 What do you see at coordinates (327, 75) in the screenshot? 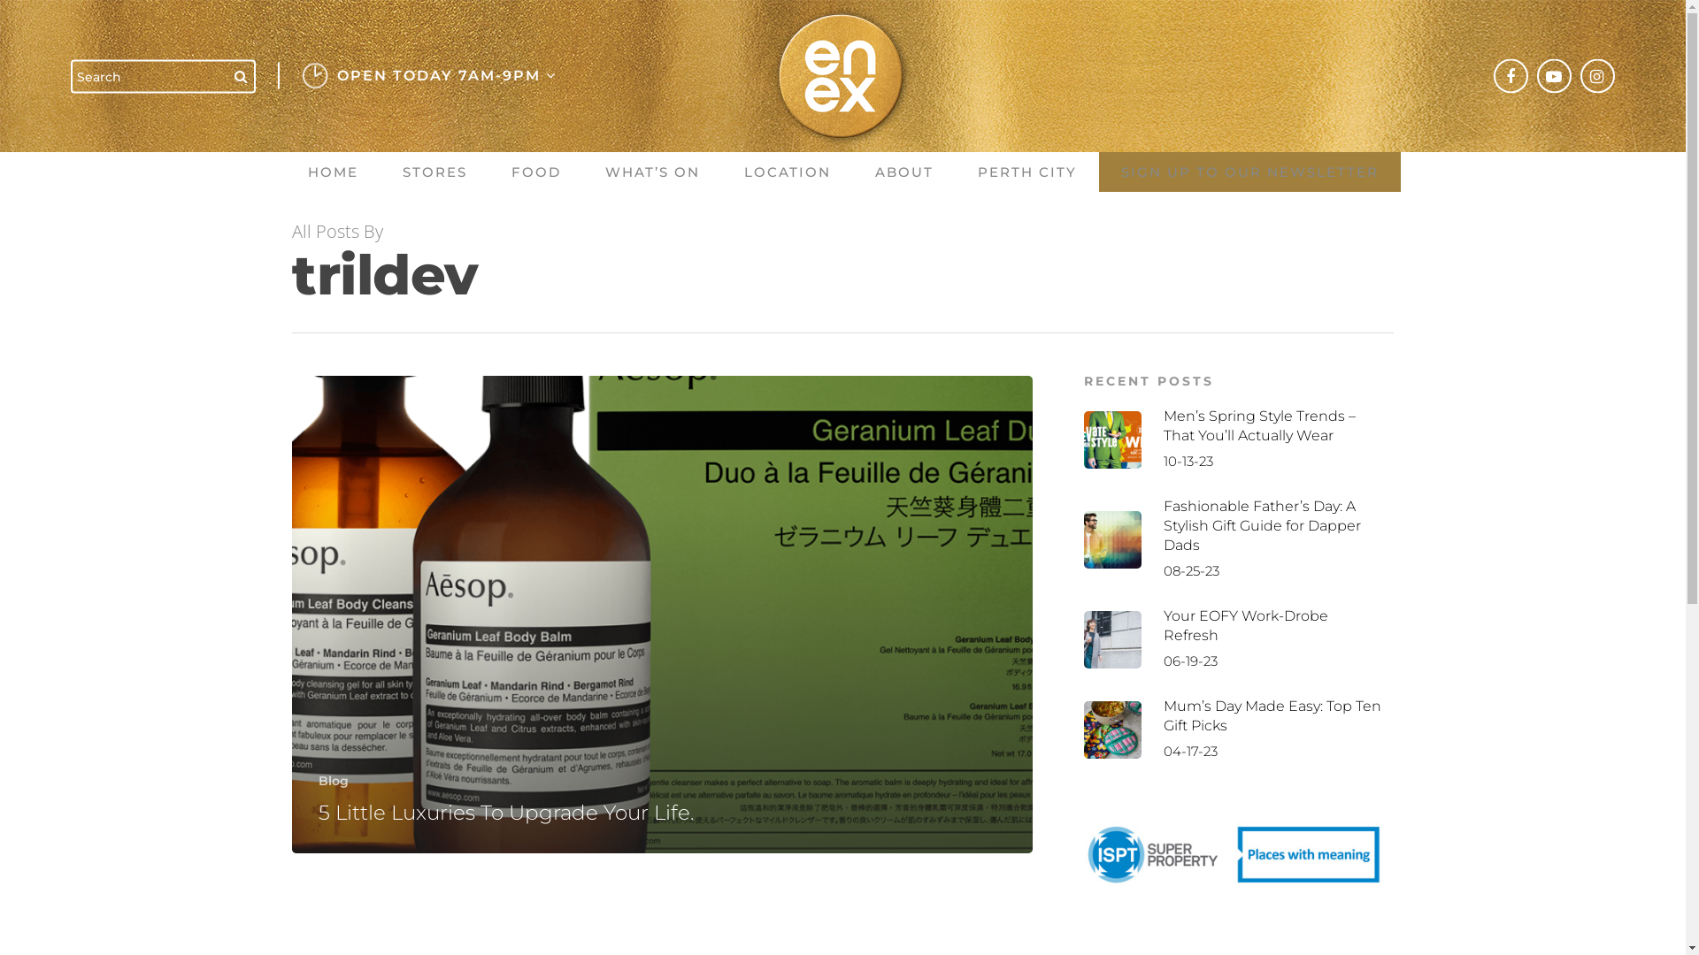
I see `'OPEN TODAY 7AM-9PM'` at bounding box center [327, 75].